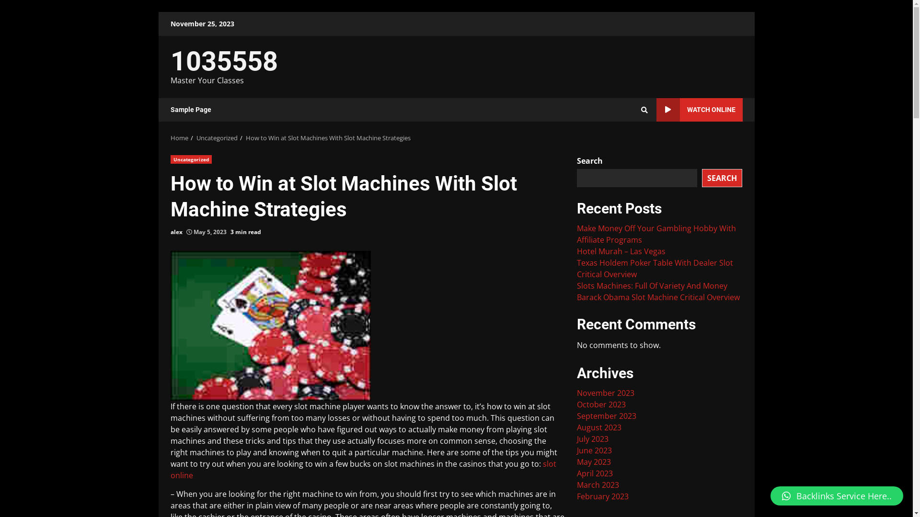 The image size is (920, 517). I want to click on 'May 2023', so click(576, 461).